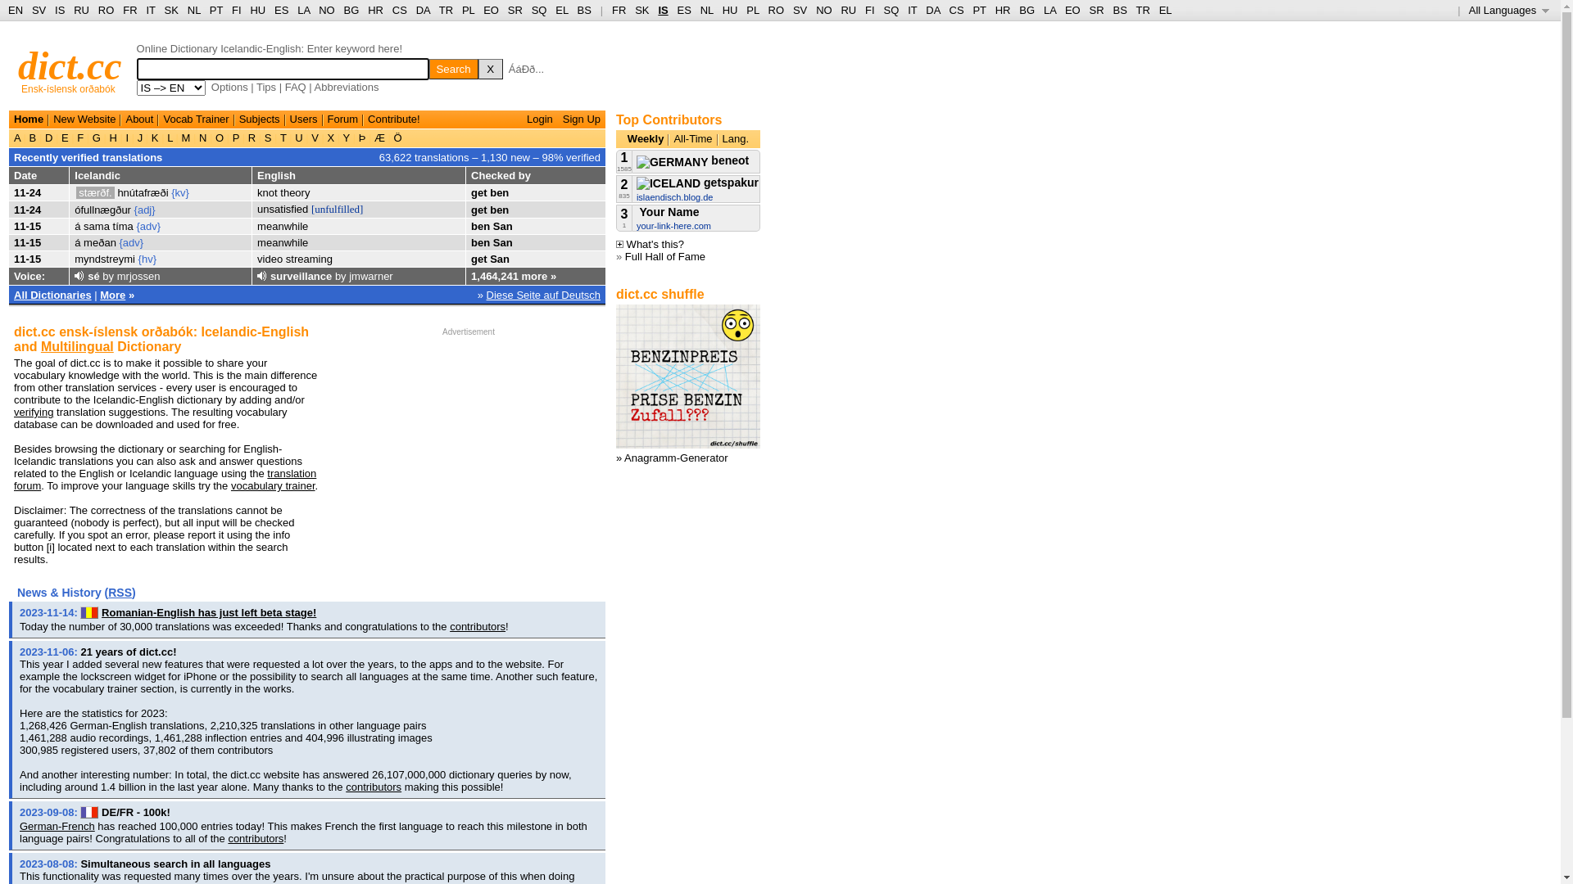 This screenshot has height=884, width=1573. I want to click on 'ben', so click(479, 242).